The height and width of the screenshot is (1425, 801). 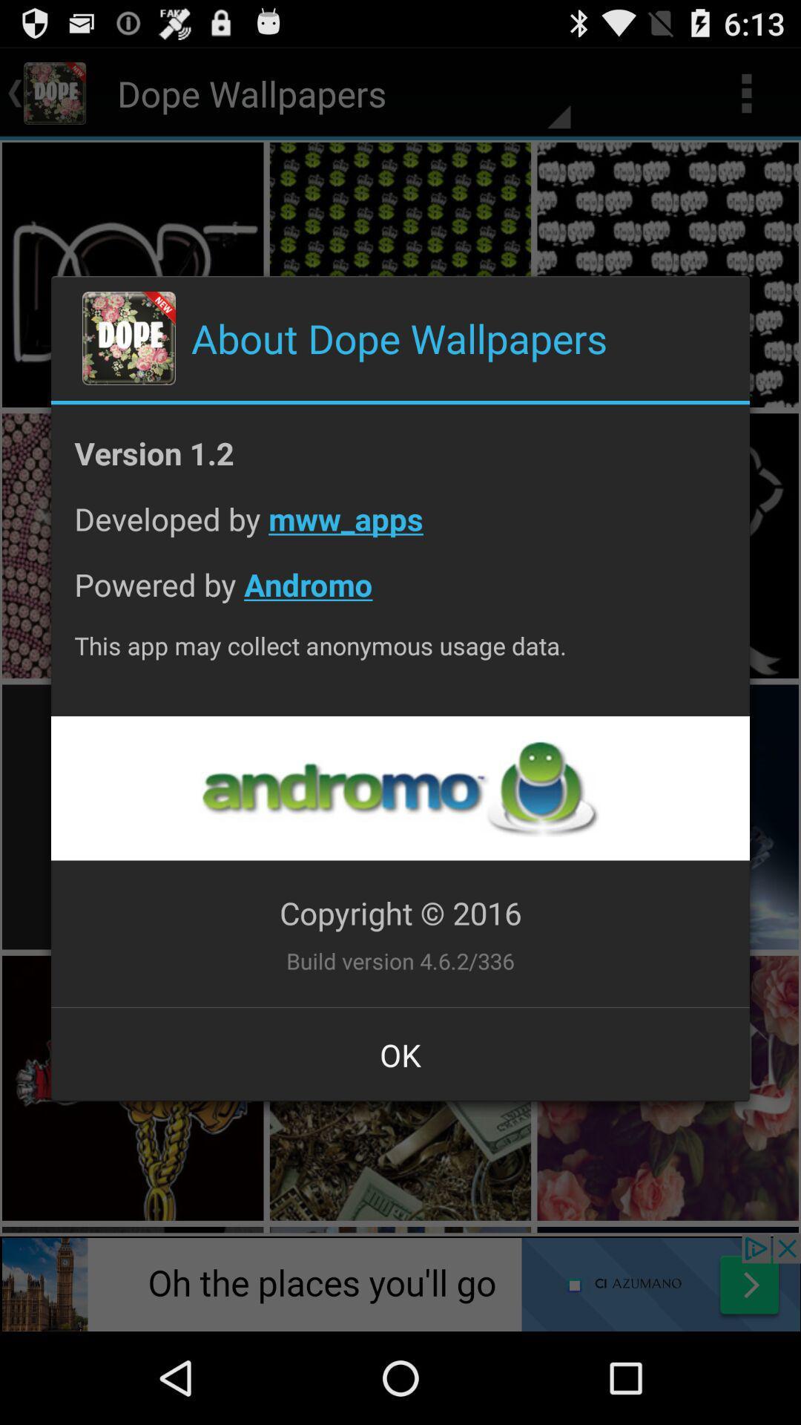 What do you see at coordinates (400, 1054) in the screenshot?
I see `the app below build version 4 item` at bounding box center [400, 1054].